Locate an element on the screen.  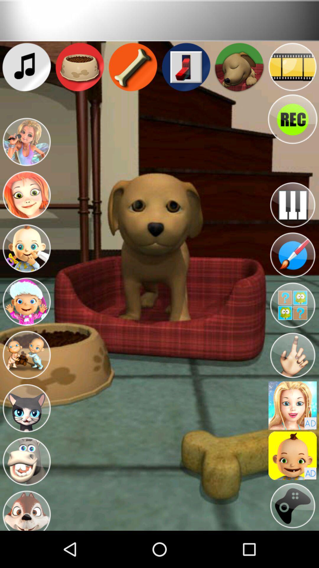
chanch phontoes is located at coordinates (292, 405).